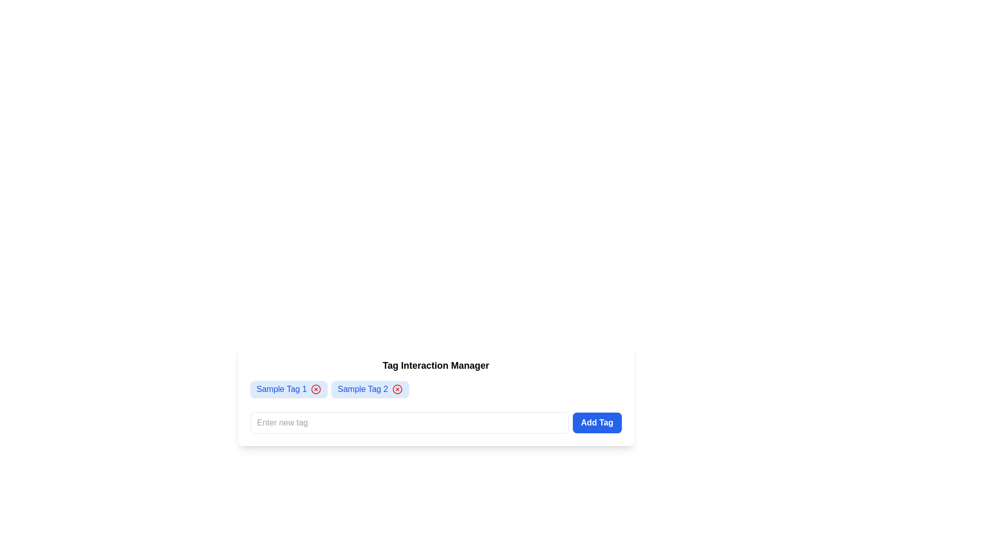  I want to click on the first tag in the tagging system, so click(289, 389).